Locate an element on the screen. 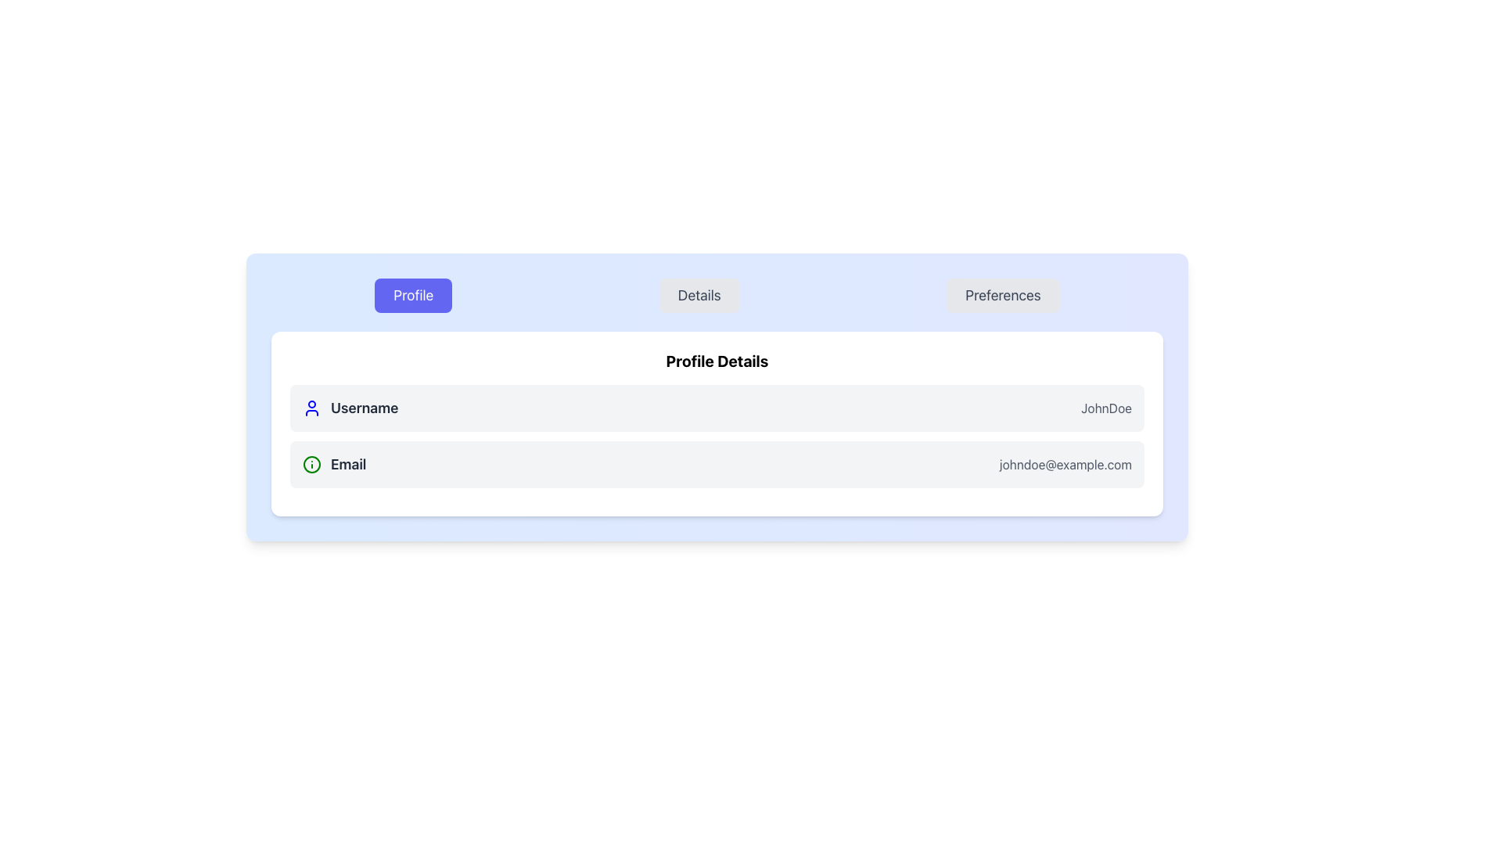  the text label that describes the email address field, which is positioned next to an icon in the details section under the 'Email' label is located at coordinates (347, 464).